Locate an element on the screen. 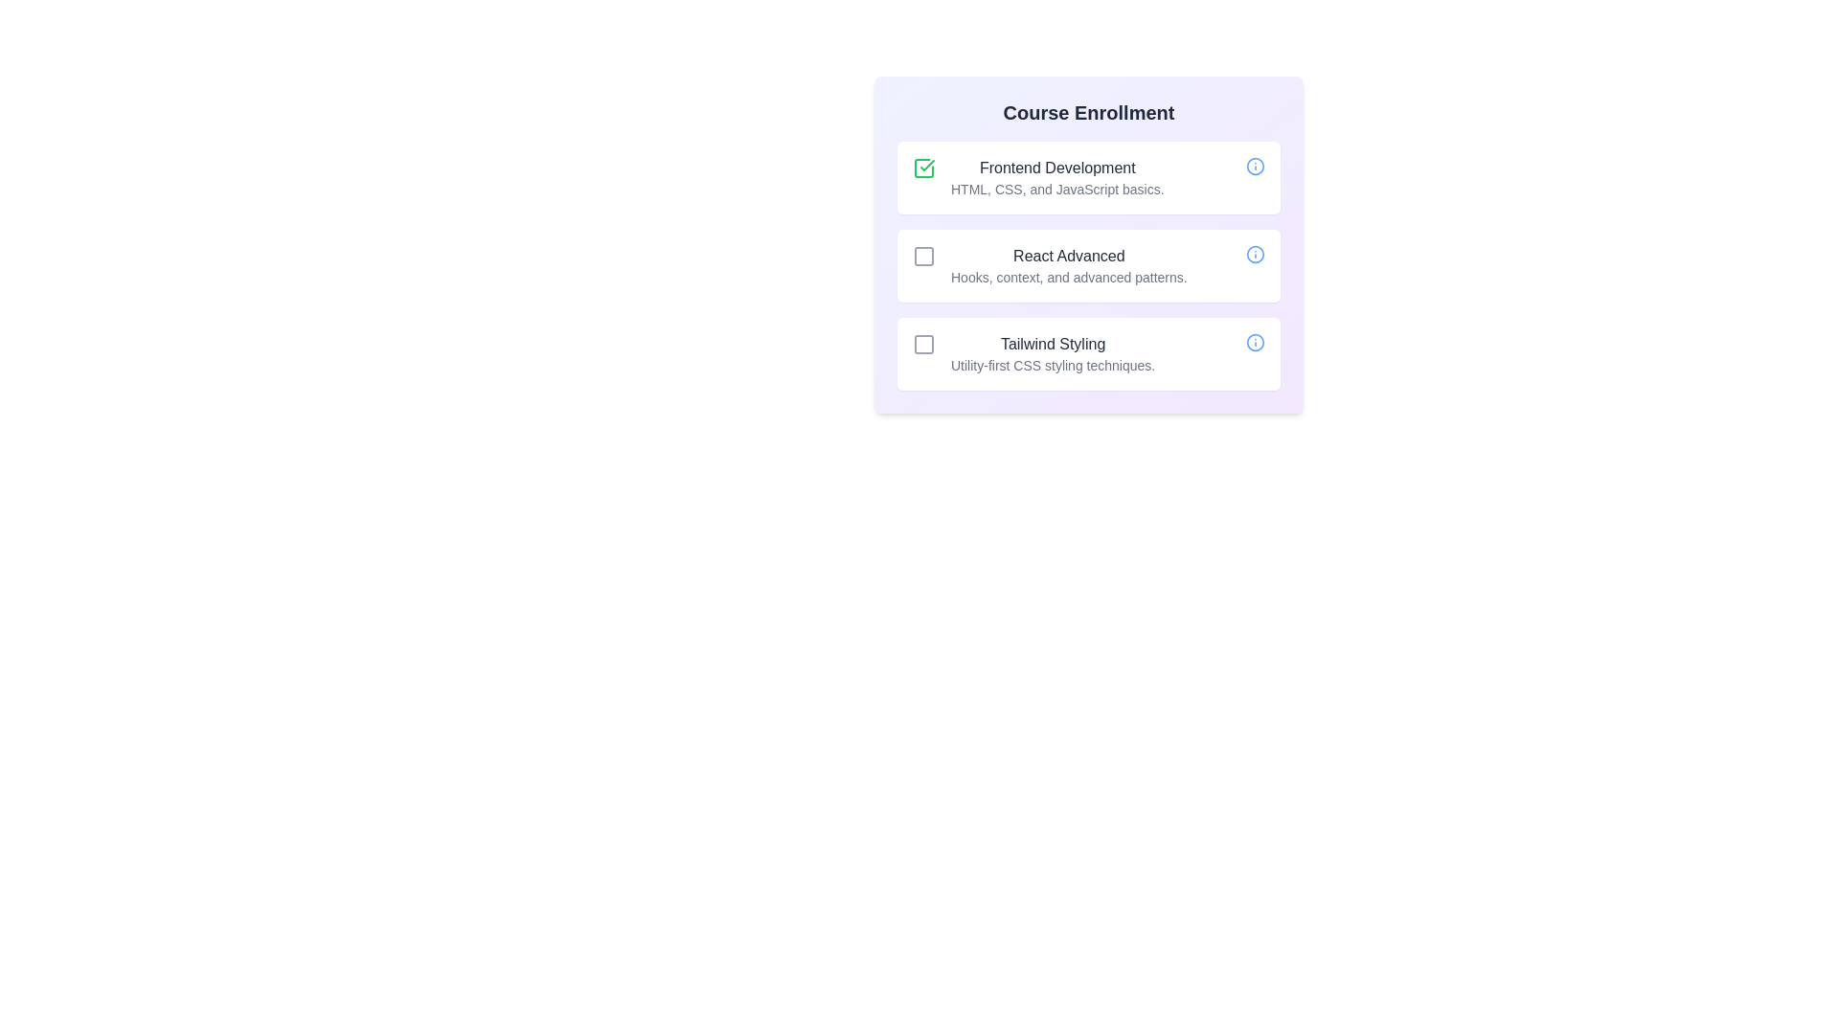 Image resolution: width=1839 pixels, height=1034 pixels. the Circle (SVG Graphic Element) that serves as an icon for the 'React Advanced' course enrollment entry is located at coordinates (1255, 254).